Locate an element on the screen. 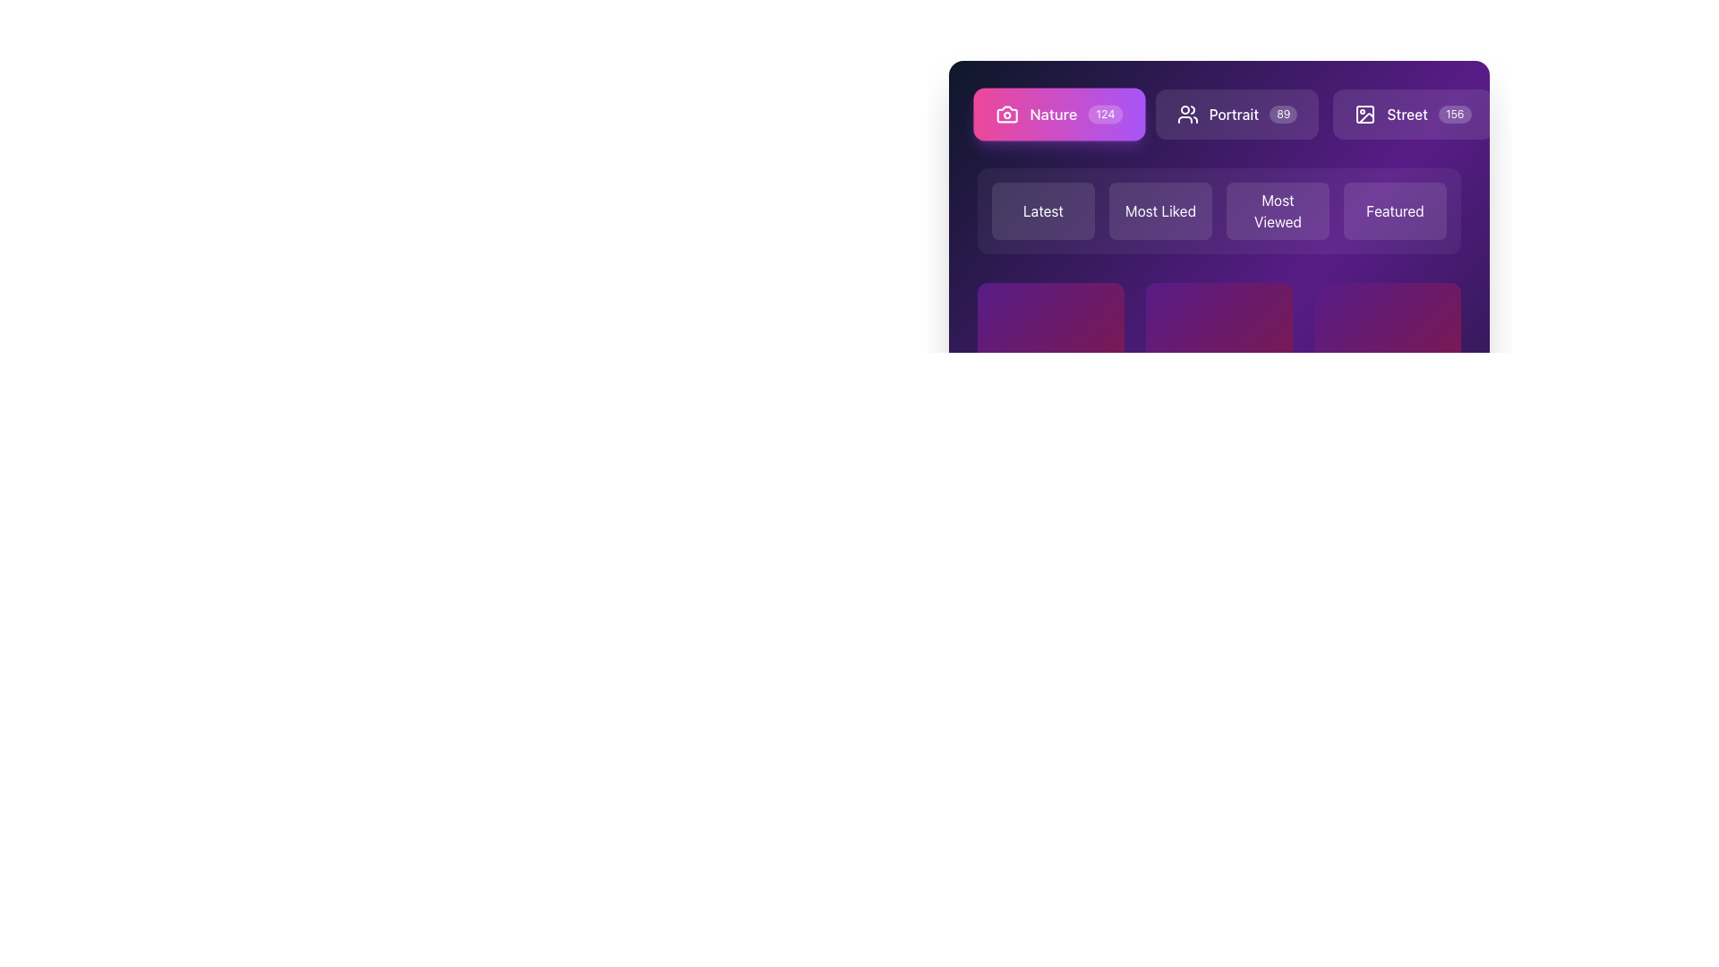 The image size is (1719, 967). the 'Nature' category button at the top-left of the category list is located at coordinates (1059, 114).